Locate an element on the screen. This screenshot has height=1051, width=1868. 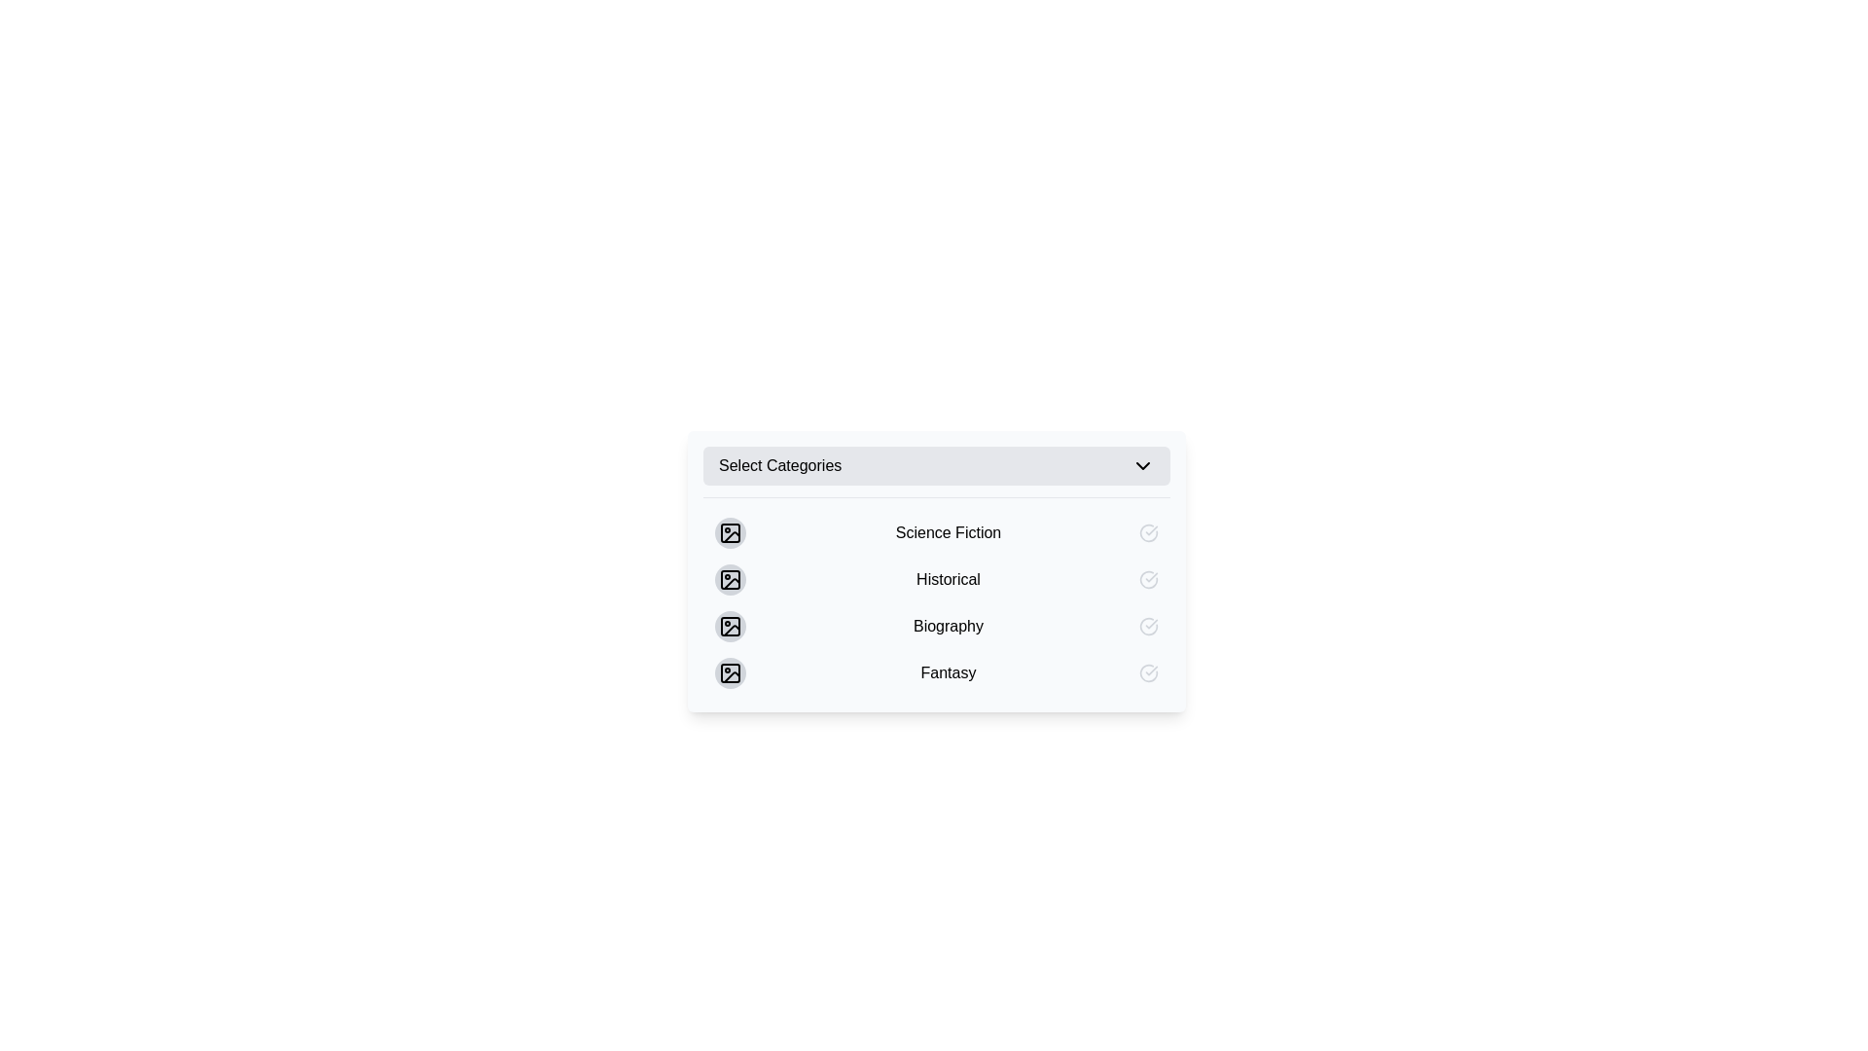
the SVG graphical element indicating the state of the 'Historical' category selection, which is part of a decorative or status icon is located at coordinates (1148, 579).